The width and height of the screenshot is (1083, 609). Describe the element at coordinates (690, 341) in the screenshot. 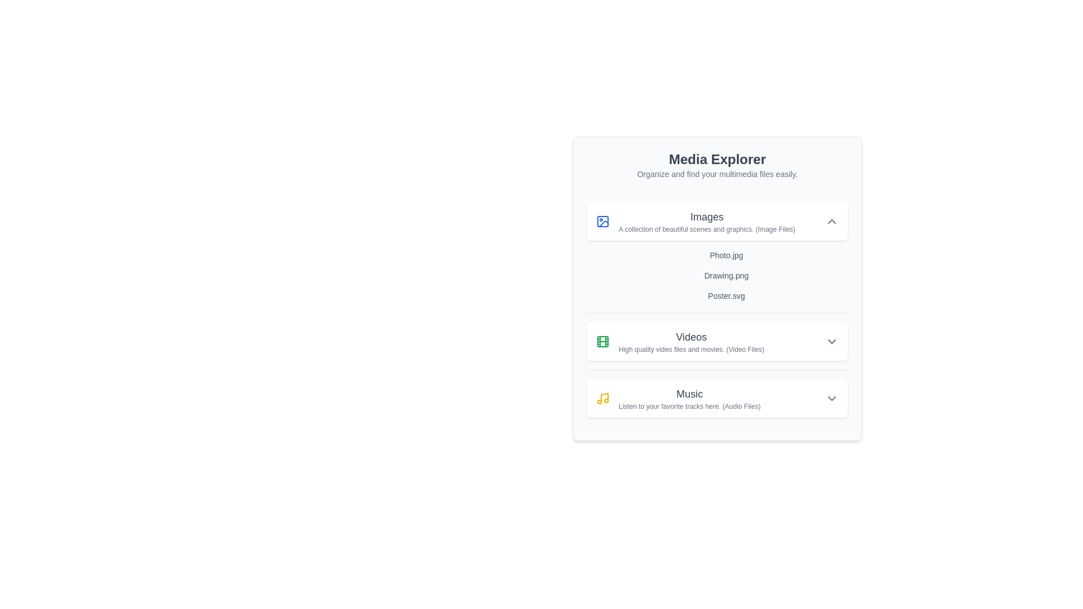

I see `the 'Videos' text block, which features a bold title and a description about high quality video files, located in the Media Explorer section` at that location.